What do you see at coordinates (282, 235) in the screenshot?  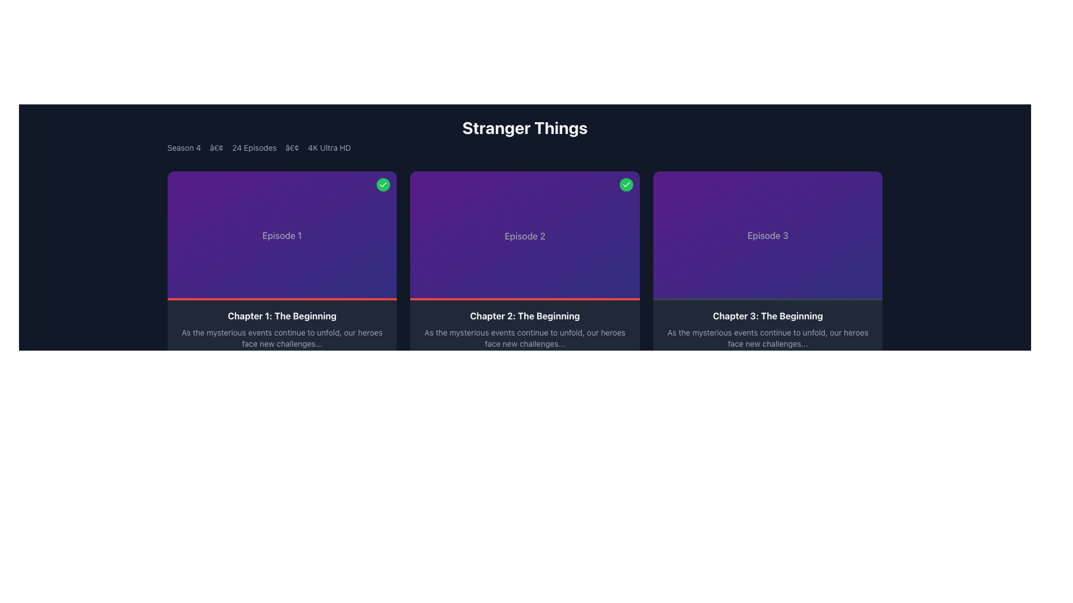 I see `text label displaying 'Episode 1' which is centered in the first card of three identical cards on a purple background` at bounding box center [282, 235].